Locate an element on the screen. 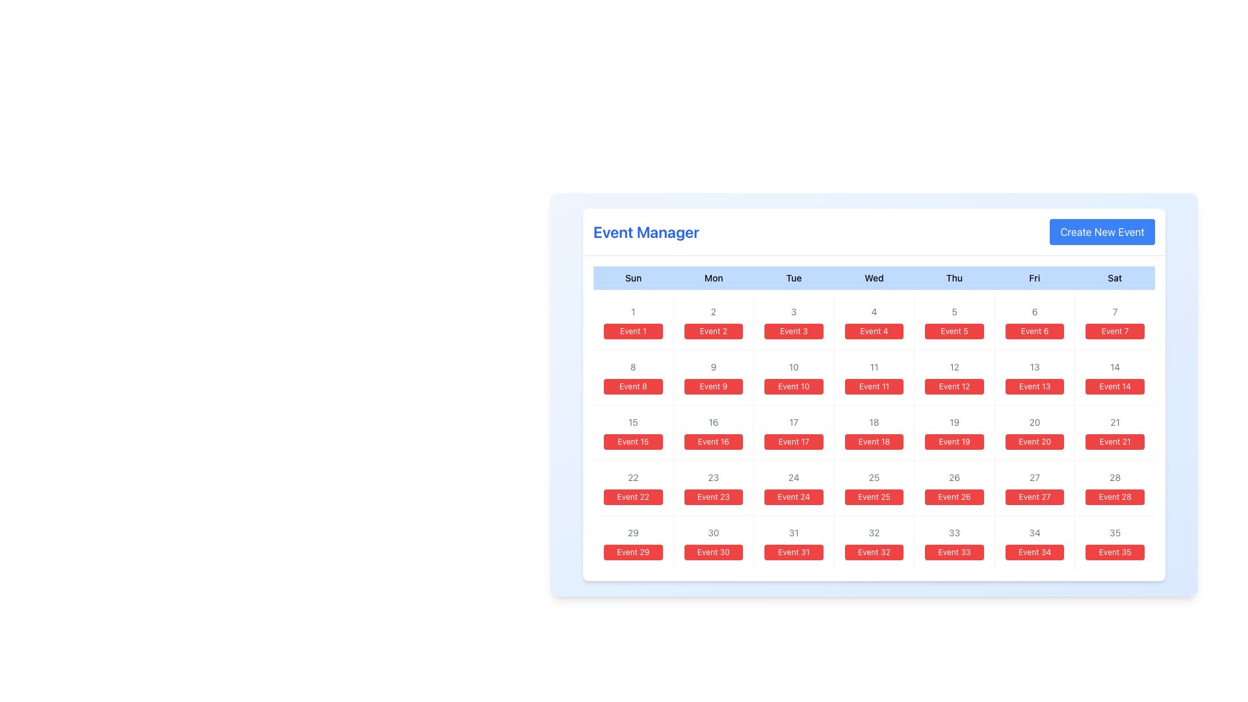  the text label for Monday in the calendar interface, which is the second label from the left, positioned between 'Sun' and 'Tue' is located at coordinates (713, 278).